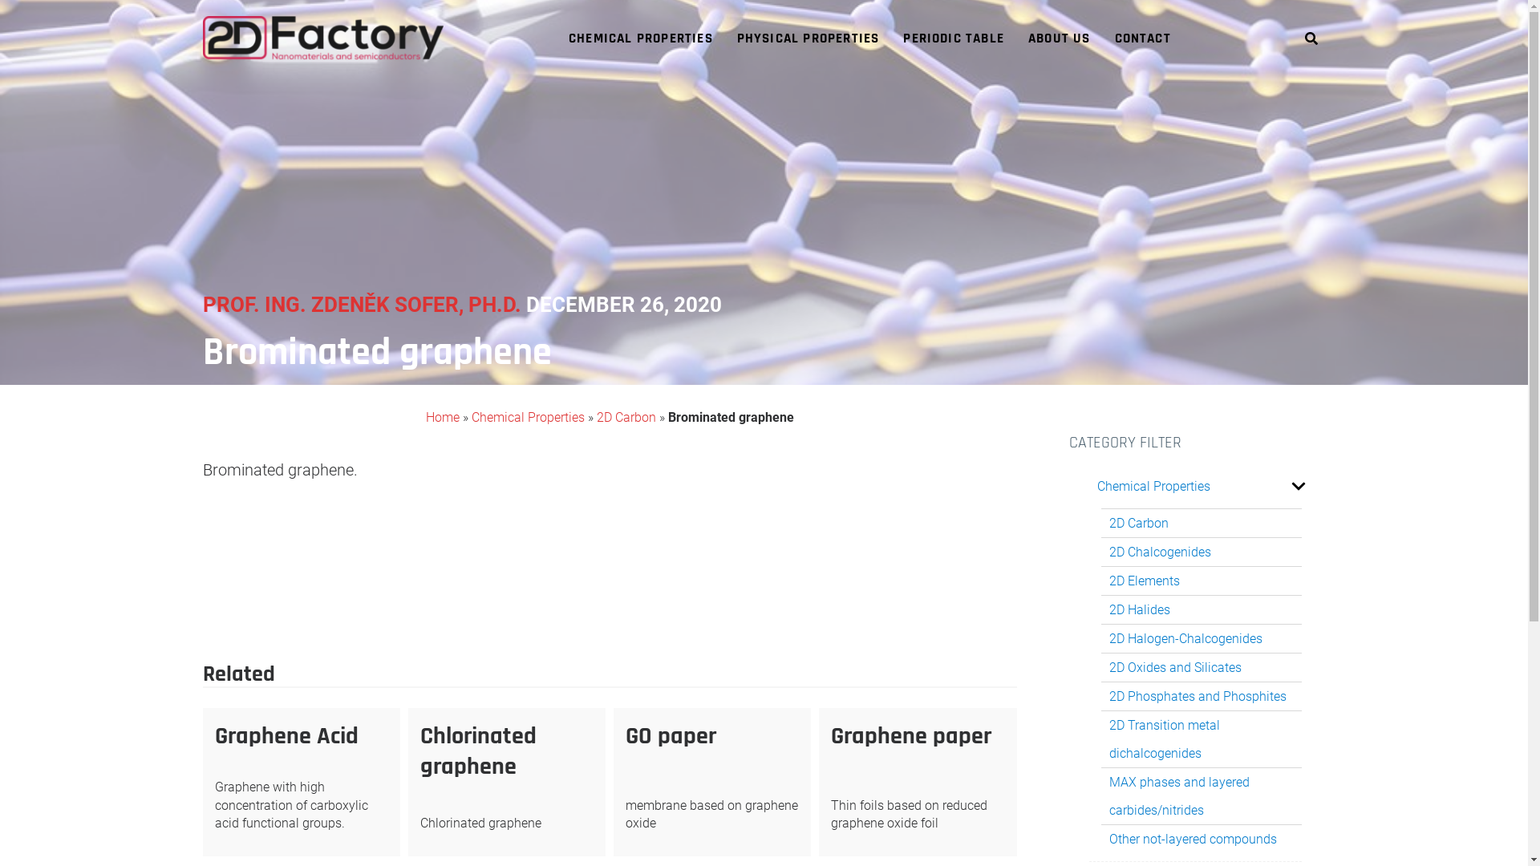 This screenshot has width=1540, height=866. Describe the element at coordinates (419, 544) in the screenshot. I see `'239 posts'` at that location.